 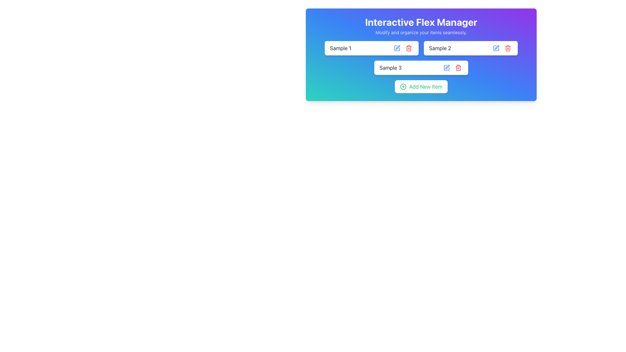 What do you see at coordinates (403, 86) in the screenshot?
I see `the outer rim of the circular SVG icon that represents the 'Add New Item' button` at bounding box center [403, 86].